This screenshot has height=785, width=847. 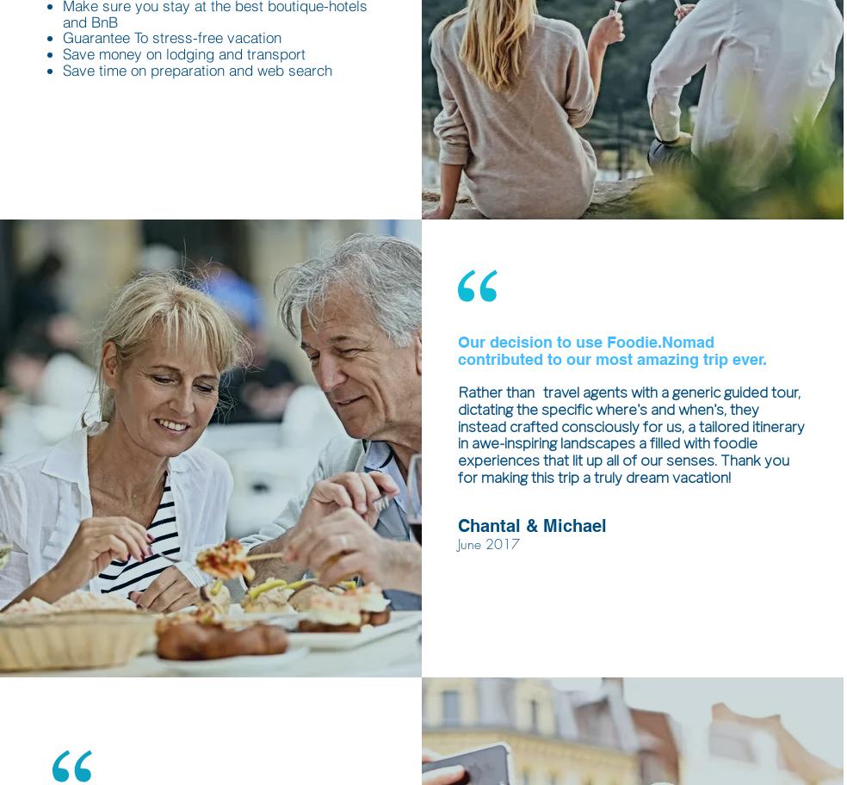 What do you see at coordinates (631, 434) in the screenshot?
I see `'travel agents with a generic guided tour, dictating the specific where's and when's, they instead crafted consciously for us, a tailored itinerary in awe-inspiring landscapes a filled with foodie experiences that lit up all of our senses. Thank you for making this trip a truly dream vacation!'` at bounding box center [631, 434].